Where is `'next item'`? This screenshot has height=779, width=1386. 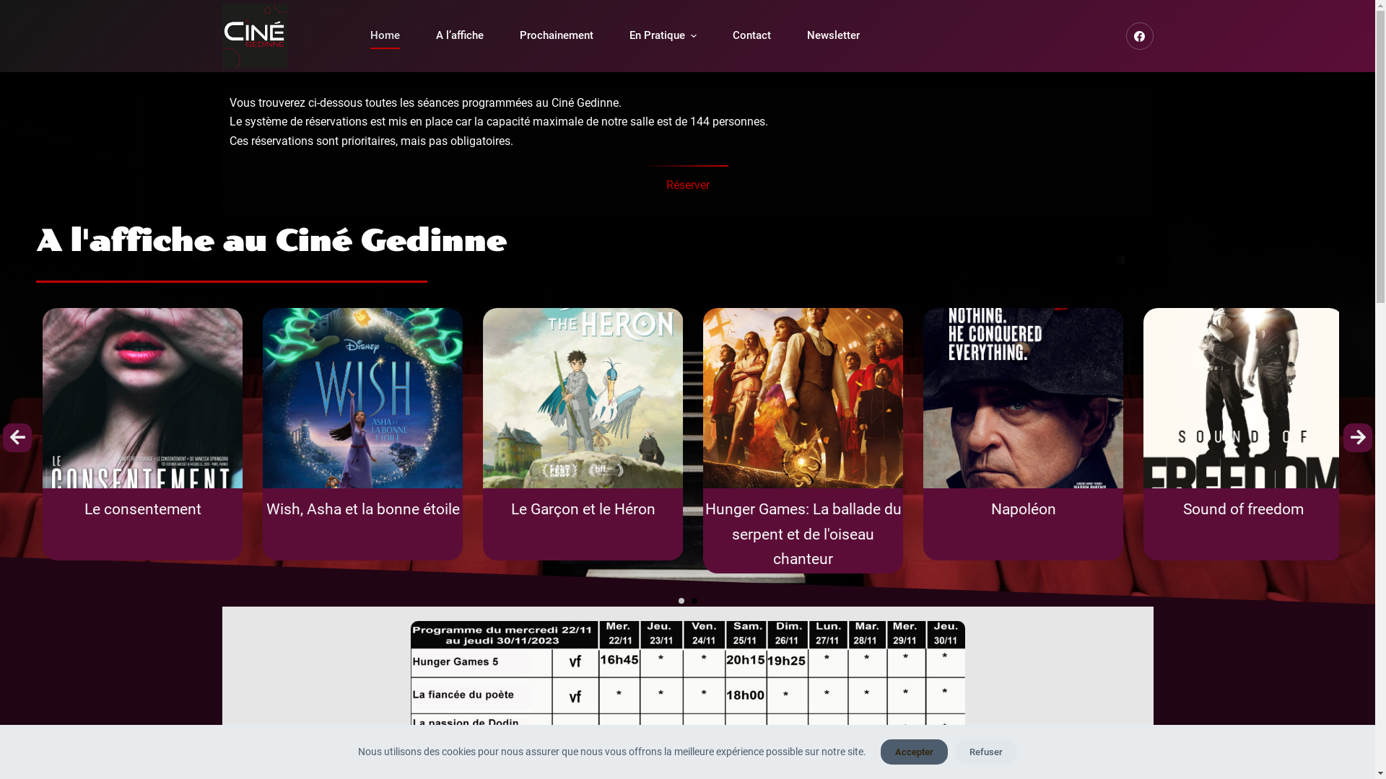
'next item' is located at coordinates (1357, 436).